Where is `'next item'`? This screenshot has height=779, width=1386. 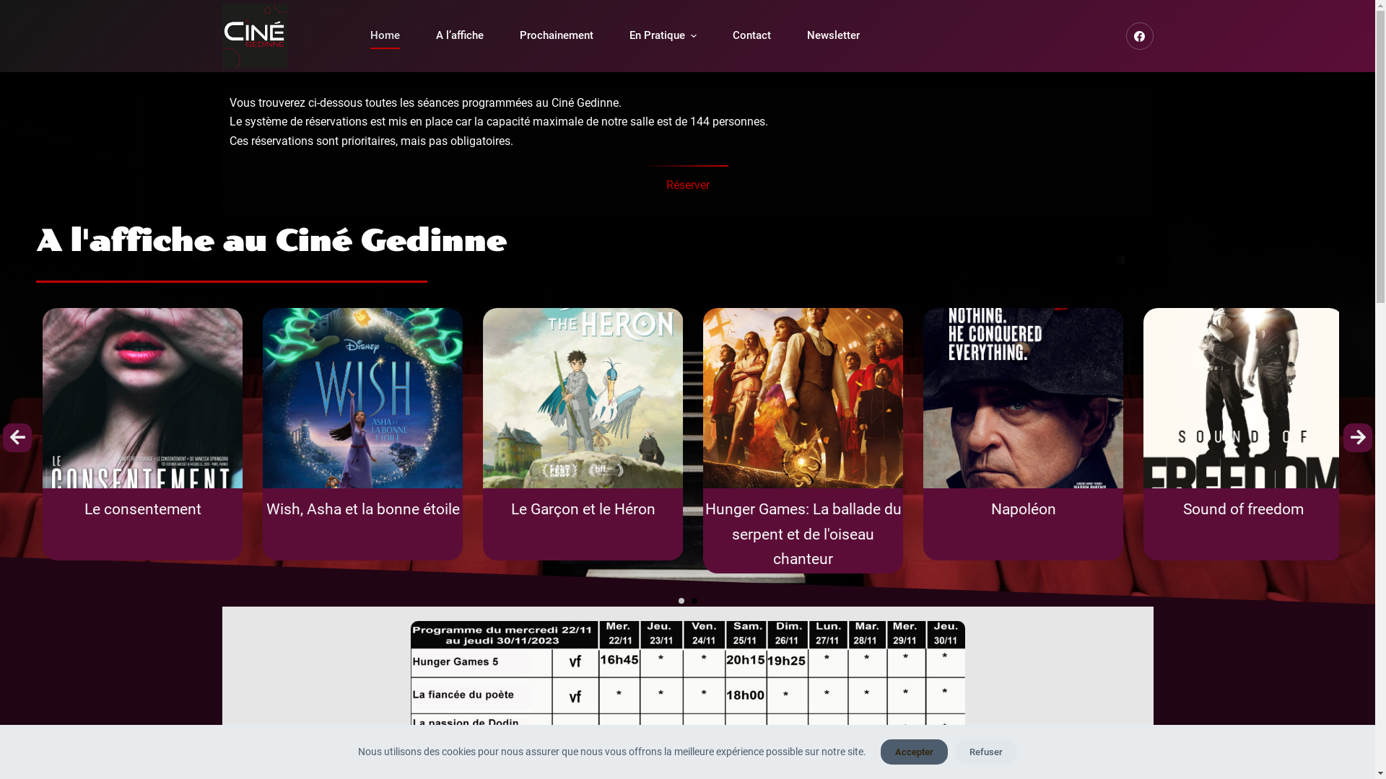
'next item' is located at coordinates (1357, 436).